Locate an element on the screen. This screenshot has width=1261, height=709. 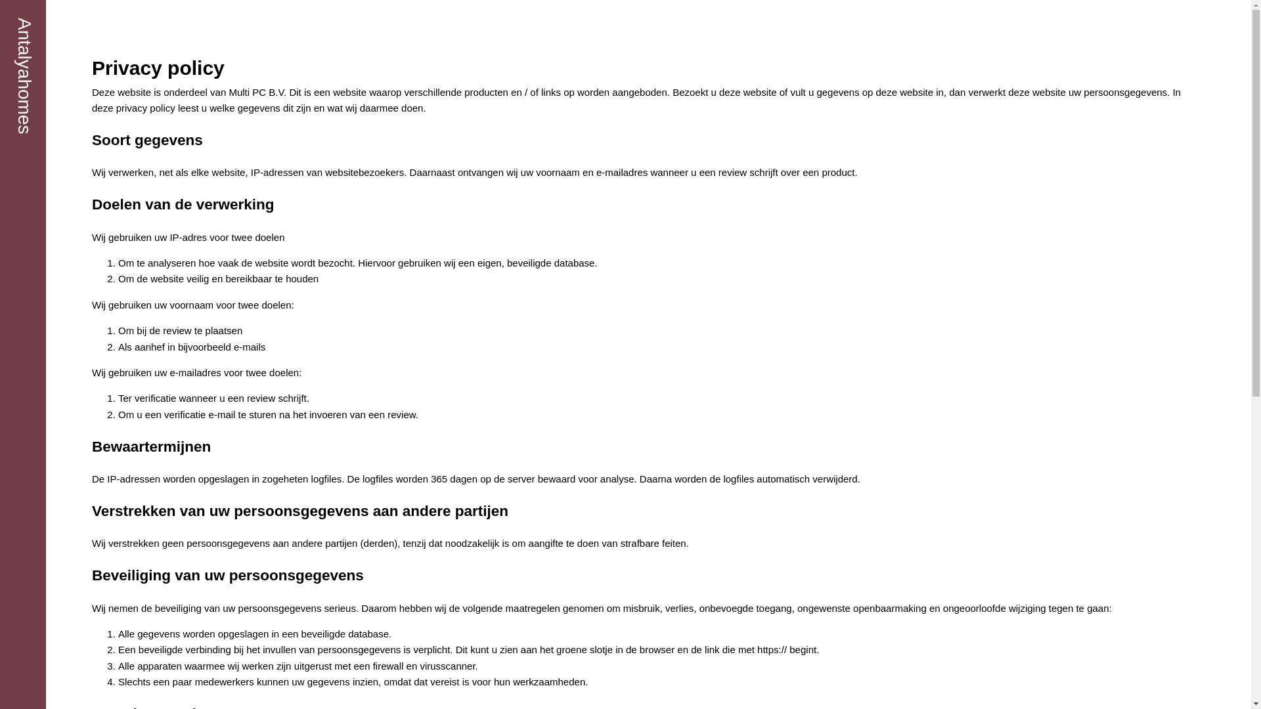
'Antalyahomes' is located at coordinates (24, 75).